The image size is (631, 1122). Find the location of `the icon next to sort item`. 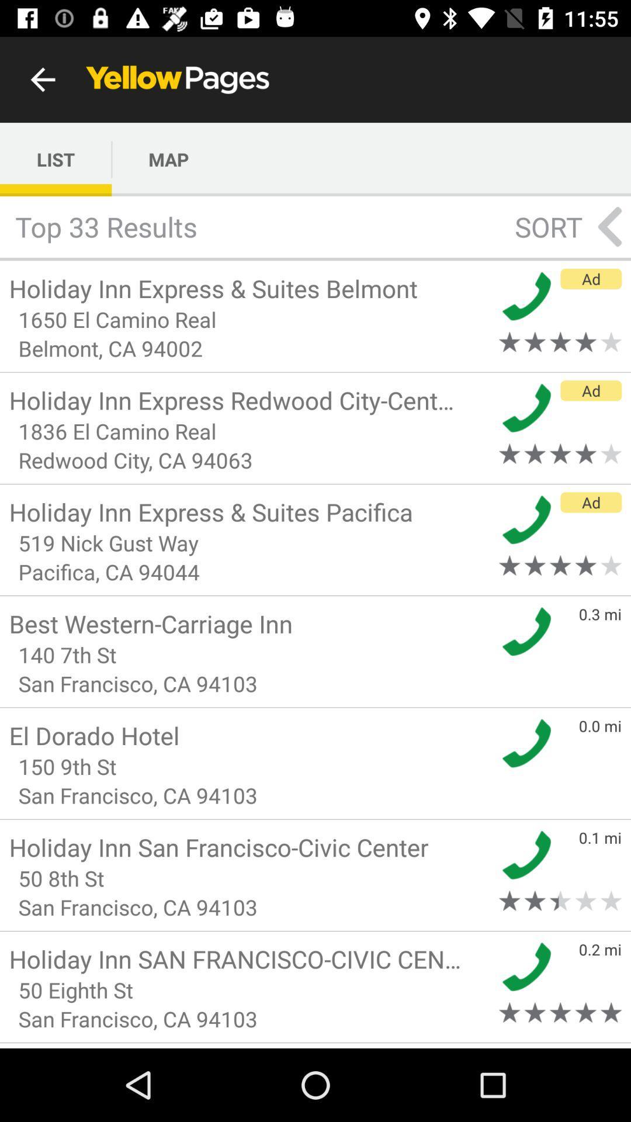

the icon next to sort item is located at coordinates (609, 227).